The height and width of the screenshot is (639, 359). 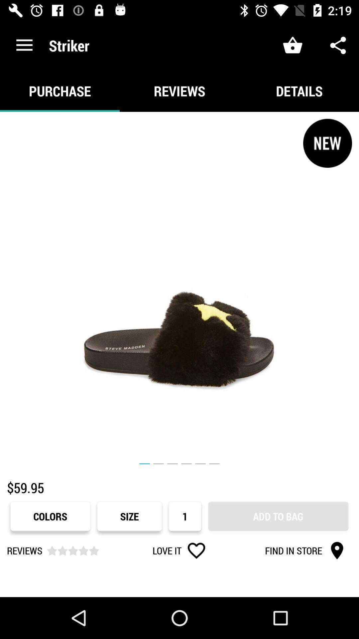 What do you see at coordinates (24, 45) in the screenshot?
I see `item to the left of the striker` at bounding box center [24, 45].